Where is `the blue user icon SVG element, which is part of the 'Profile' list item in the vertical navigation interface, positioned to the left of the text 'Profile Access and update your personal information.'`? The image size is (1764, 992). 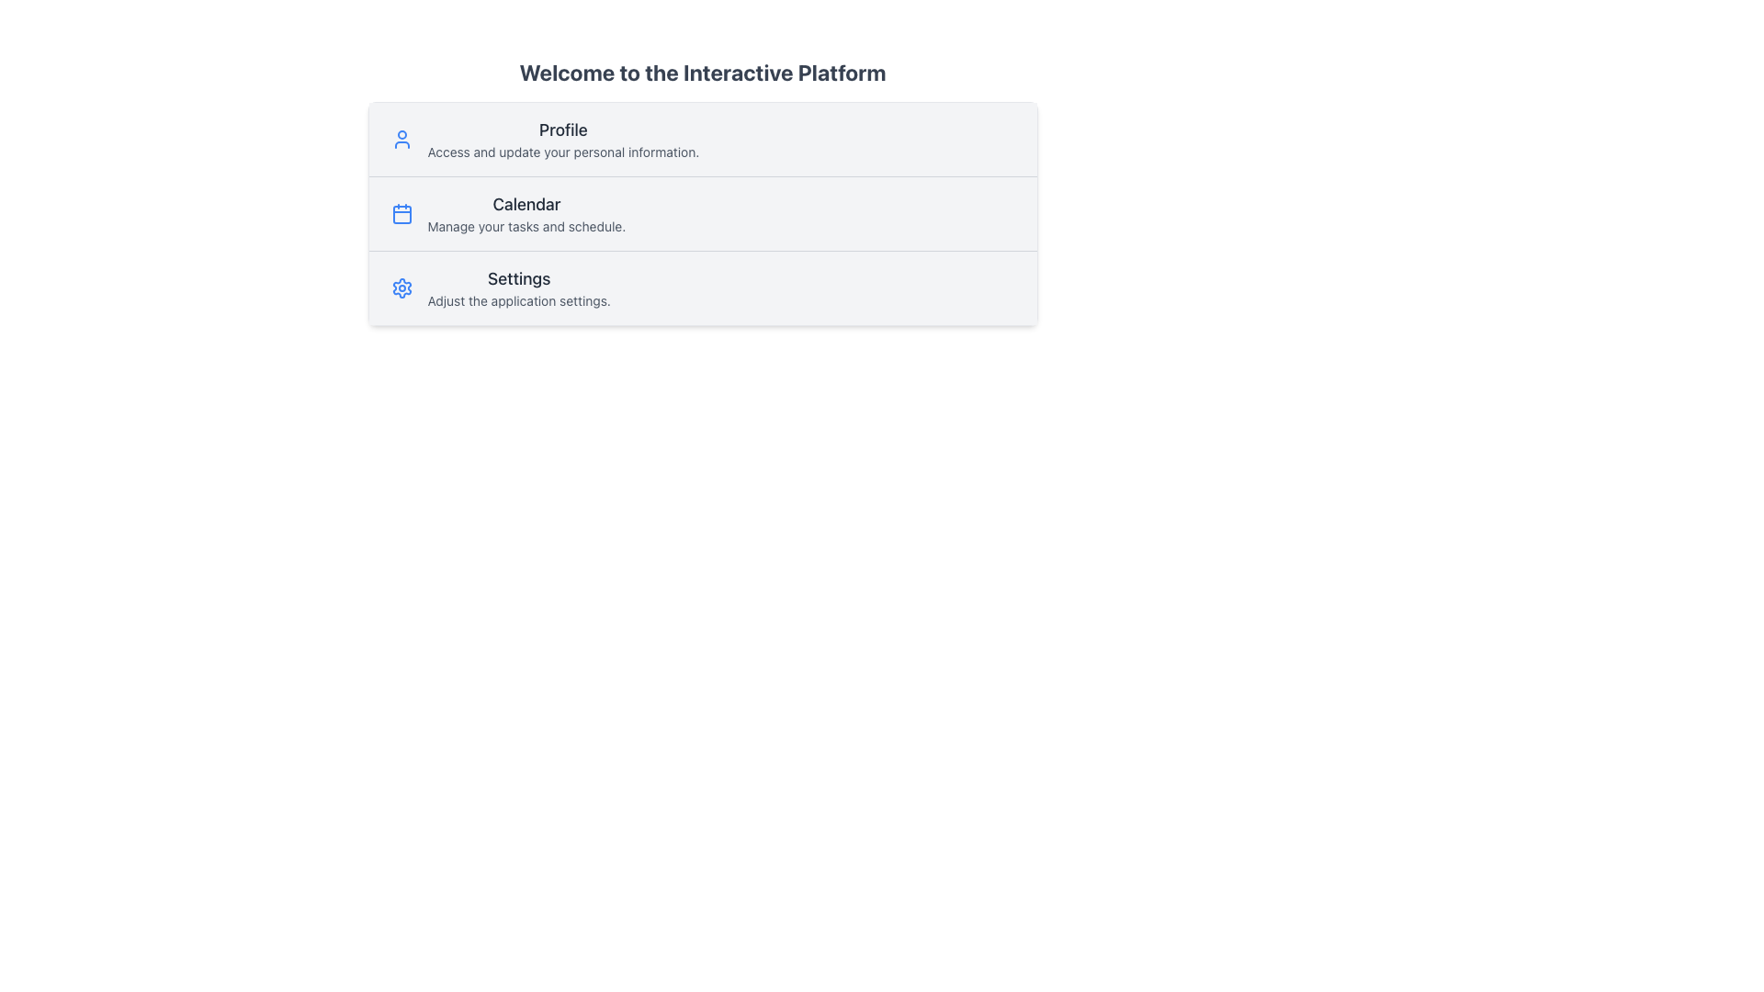 the blue user icon SVG element, which is part of the 'Profile' list item in the vertical navigation interface, positioned to the left of the text 'Profile Access and update your personal information.' is located at coordinates (401, 138).